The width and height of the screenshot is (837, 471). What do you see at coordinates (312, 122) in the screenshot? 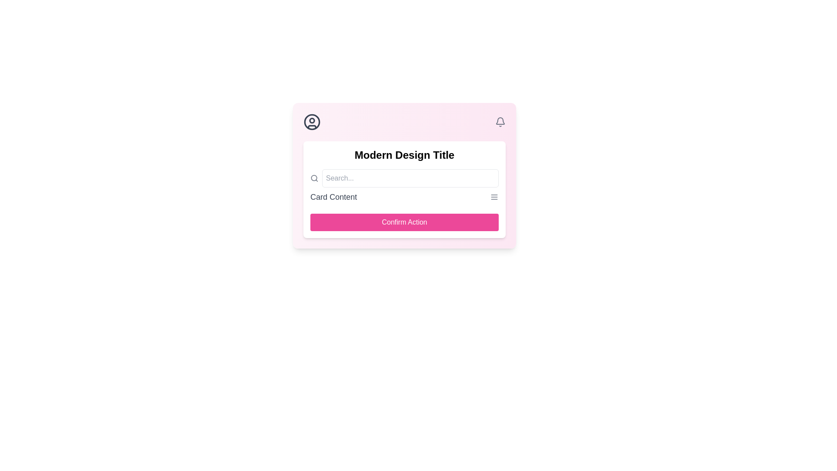
I see `the decorative graphical element (circle) located in the top-left corner of the user profile icon` at bounding box center [312, 122].